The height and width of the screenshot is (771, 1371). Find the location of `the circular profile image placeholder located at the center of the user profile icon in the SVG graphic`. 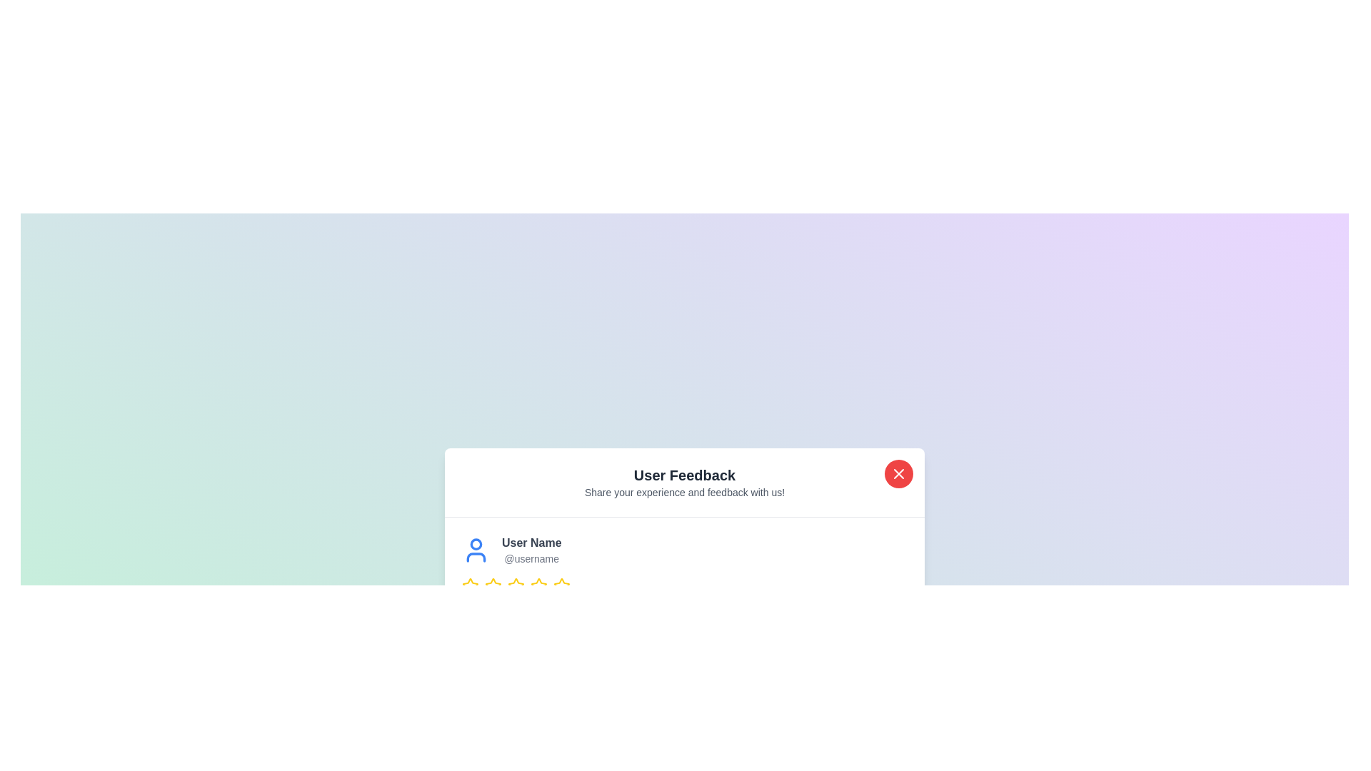

the circular profile image placeholder located at the center of the user profile icon in the SVG graphic is located at coordinates (476, 544).